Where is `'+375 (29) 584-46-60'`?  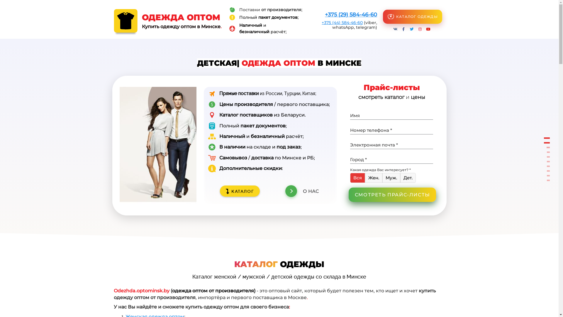
'+375 (29) 584-46-60' is located at coordinates (325, 14).